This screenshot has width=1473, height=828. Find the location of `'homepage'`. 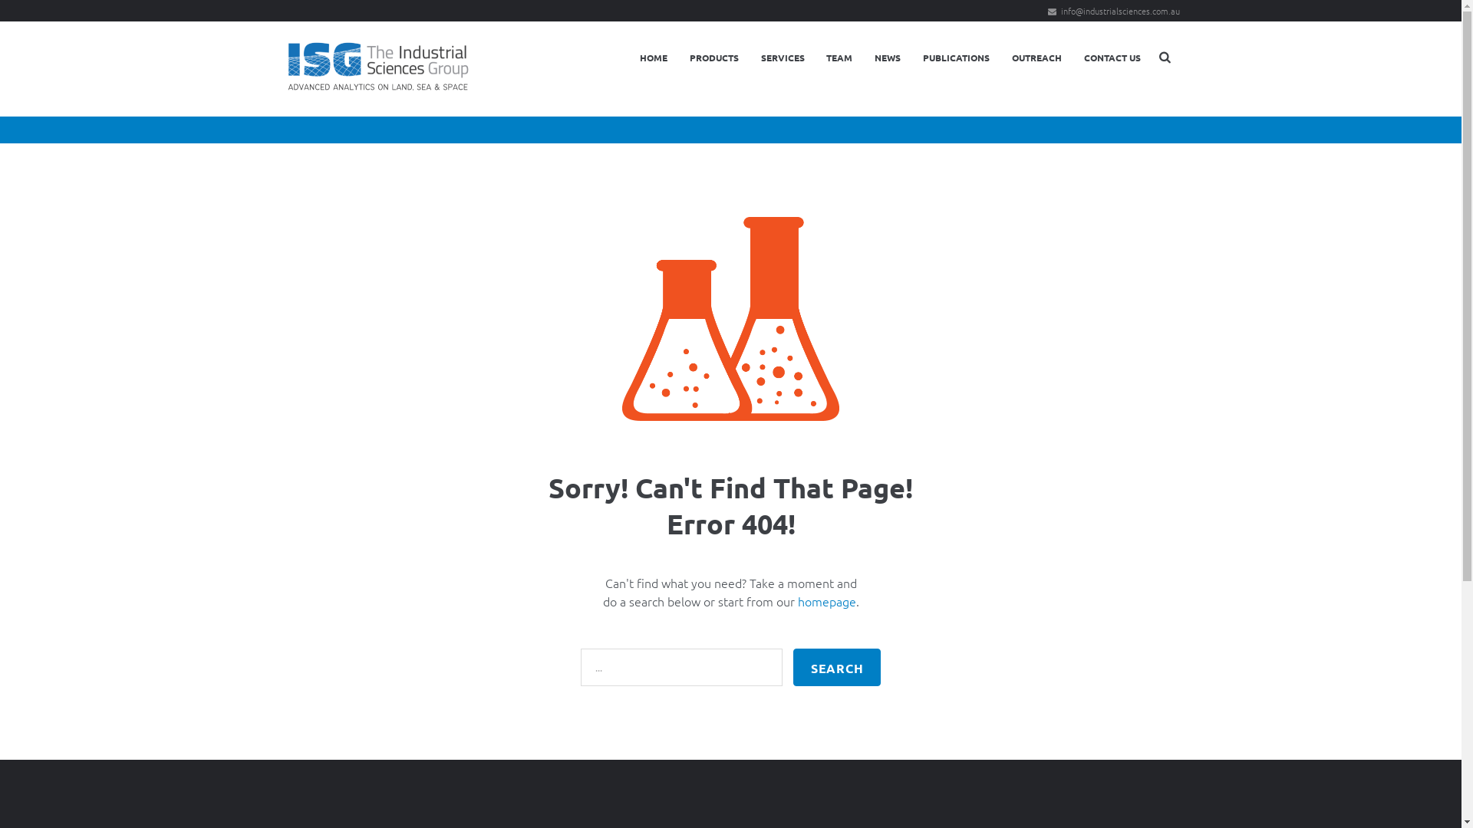

'homepage' is located at coordinates (826, 600).